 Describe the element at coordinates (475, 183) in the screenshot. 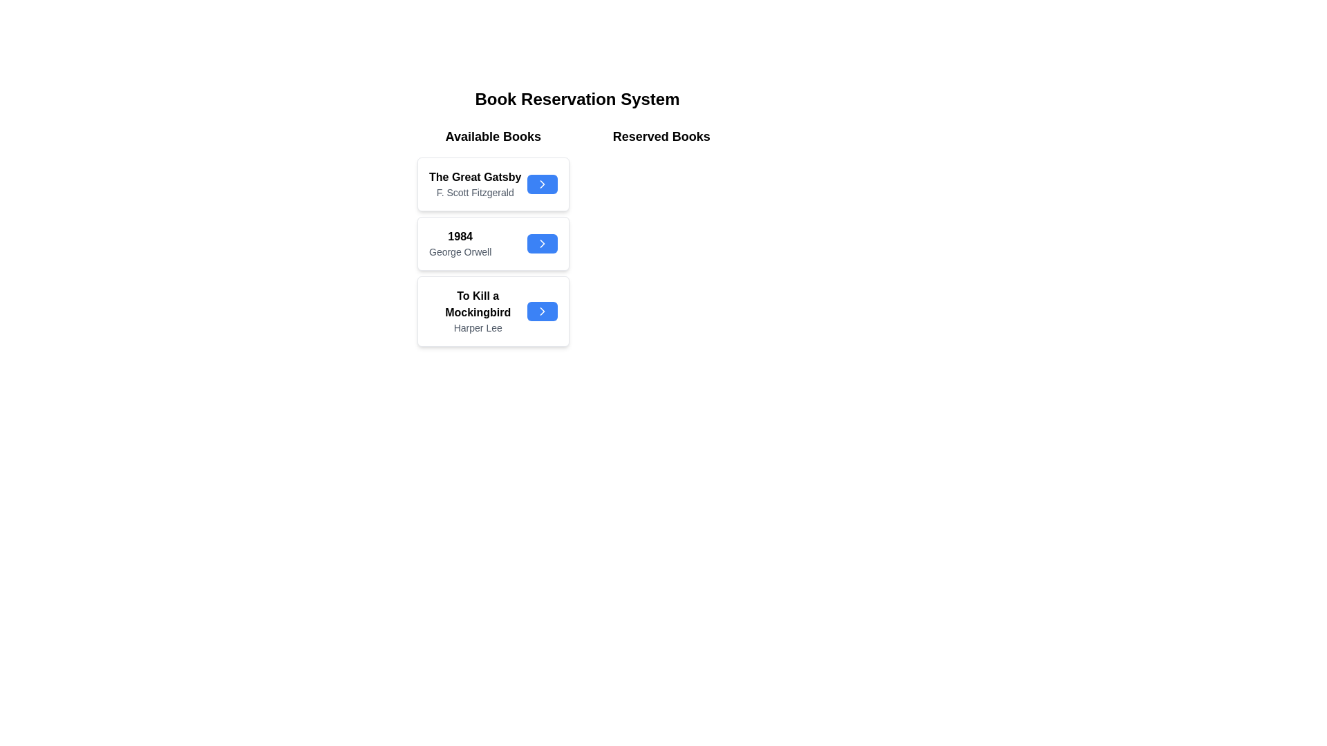

I see `text block containing 'The Great Gatsby' and 'F. Scott Fitzgerald' located at the center of the first card in the 'Available Books' section` at that location.